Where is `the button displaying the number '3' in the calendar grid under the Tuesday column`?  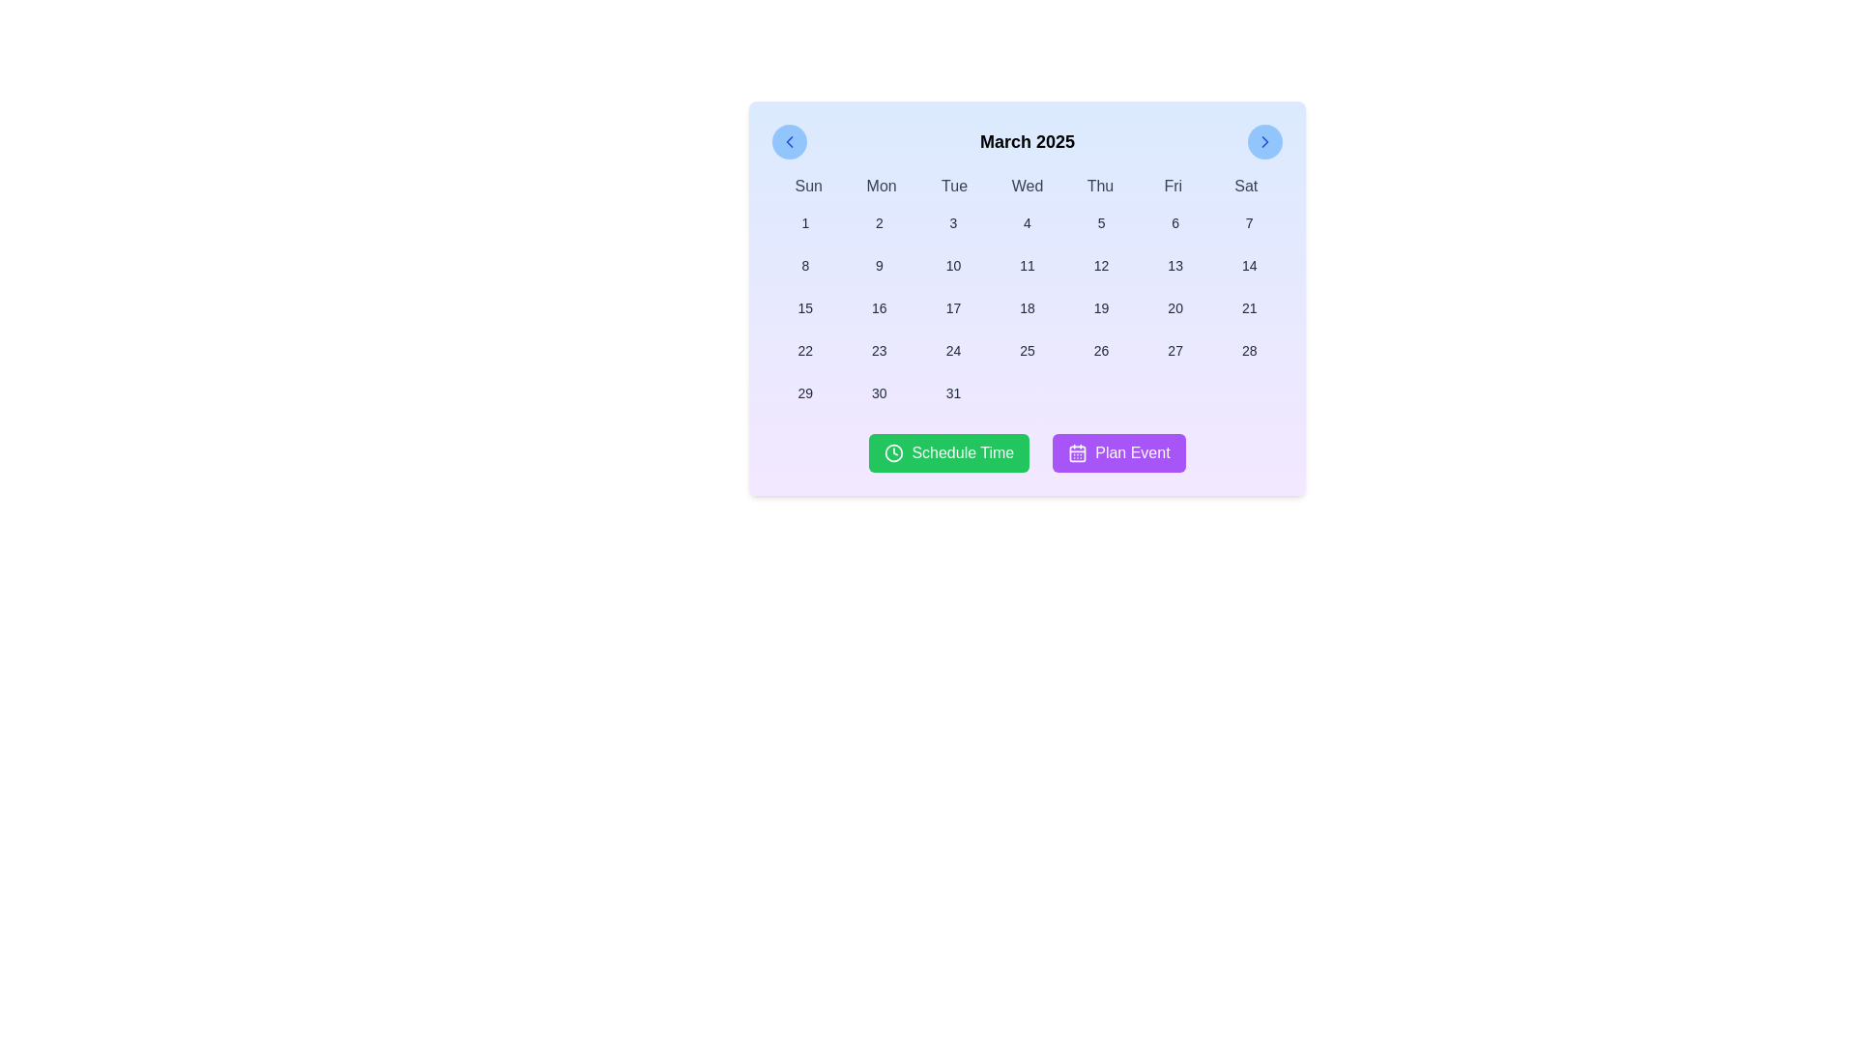
the button displaying the number '3' in the calendar grid under the Tuesday column is located at coordinates (953, 222).